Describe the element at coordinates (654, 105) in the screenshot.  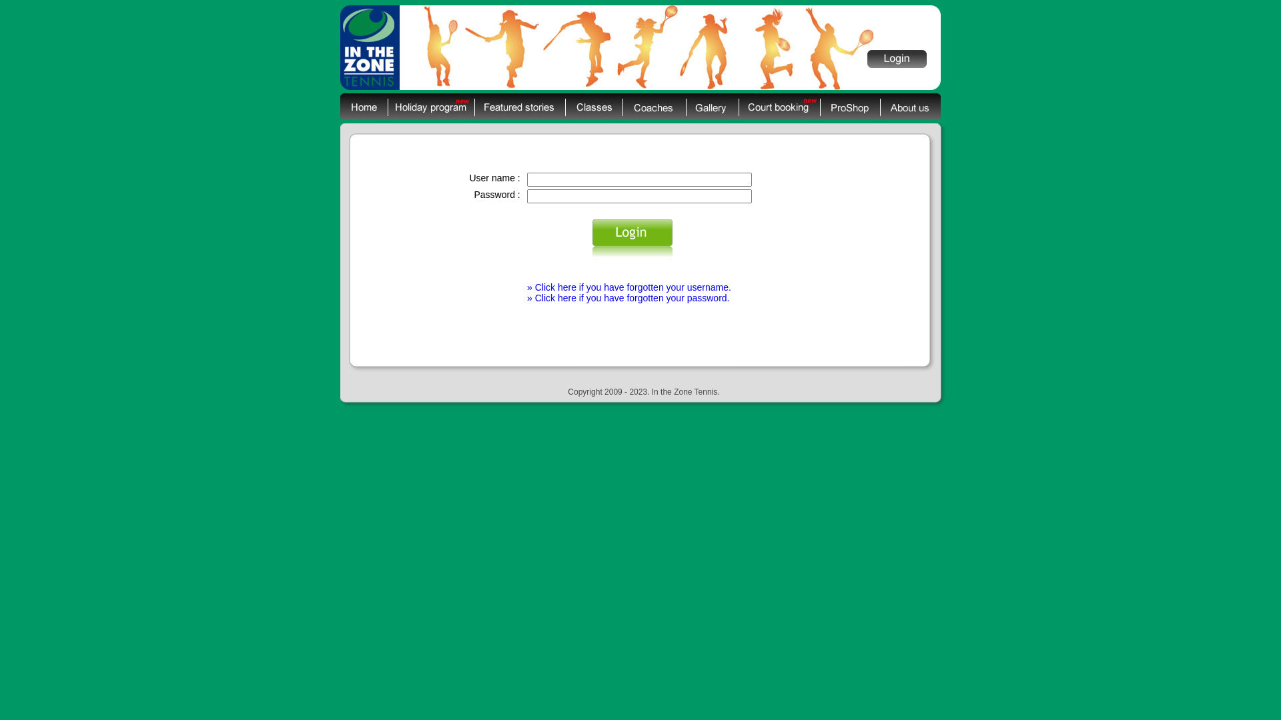
I see `'Coaches'` at that location.